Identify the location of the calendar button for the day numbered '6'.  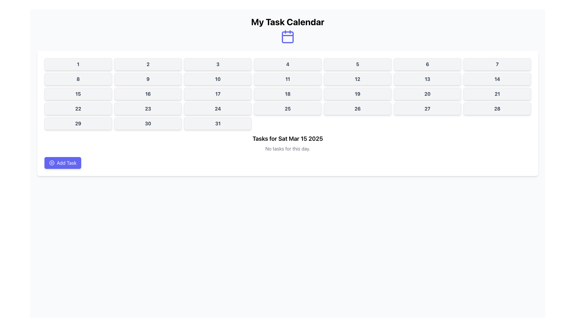
(427, 64).